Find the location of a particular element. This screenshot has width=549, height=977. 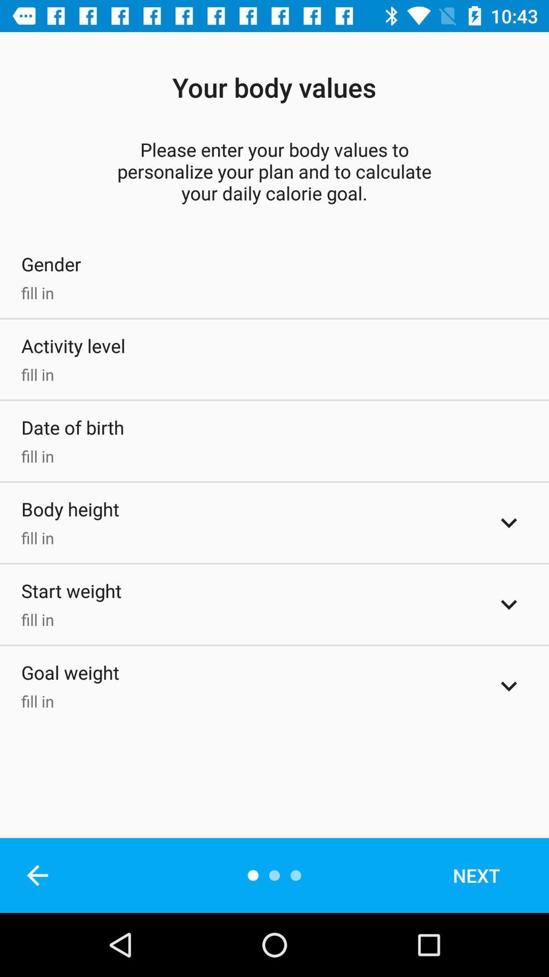

the arrow_backward icon is located at coordinates (37, 875).